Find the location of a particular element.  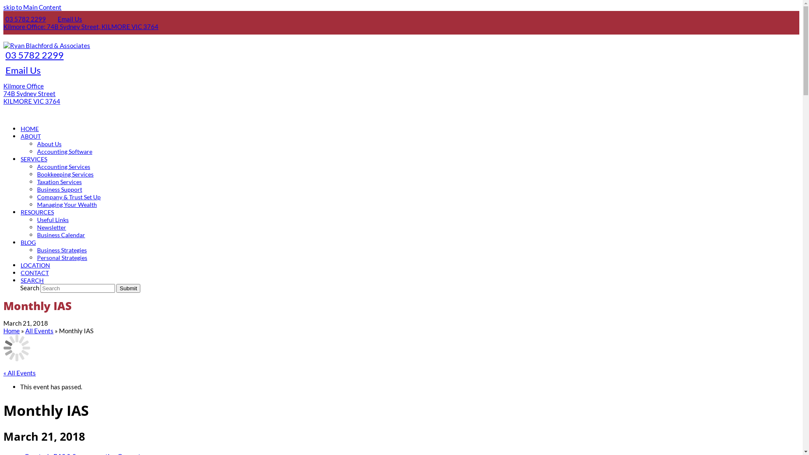

'Taxation Services' is located at coordinates (59, 181).